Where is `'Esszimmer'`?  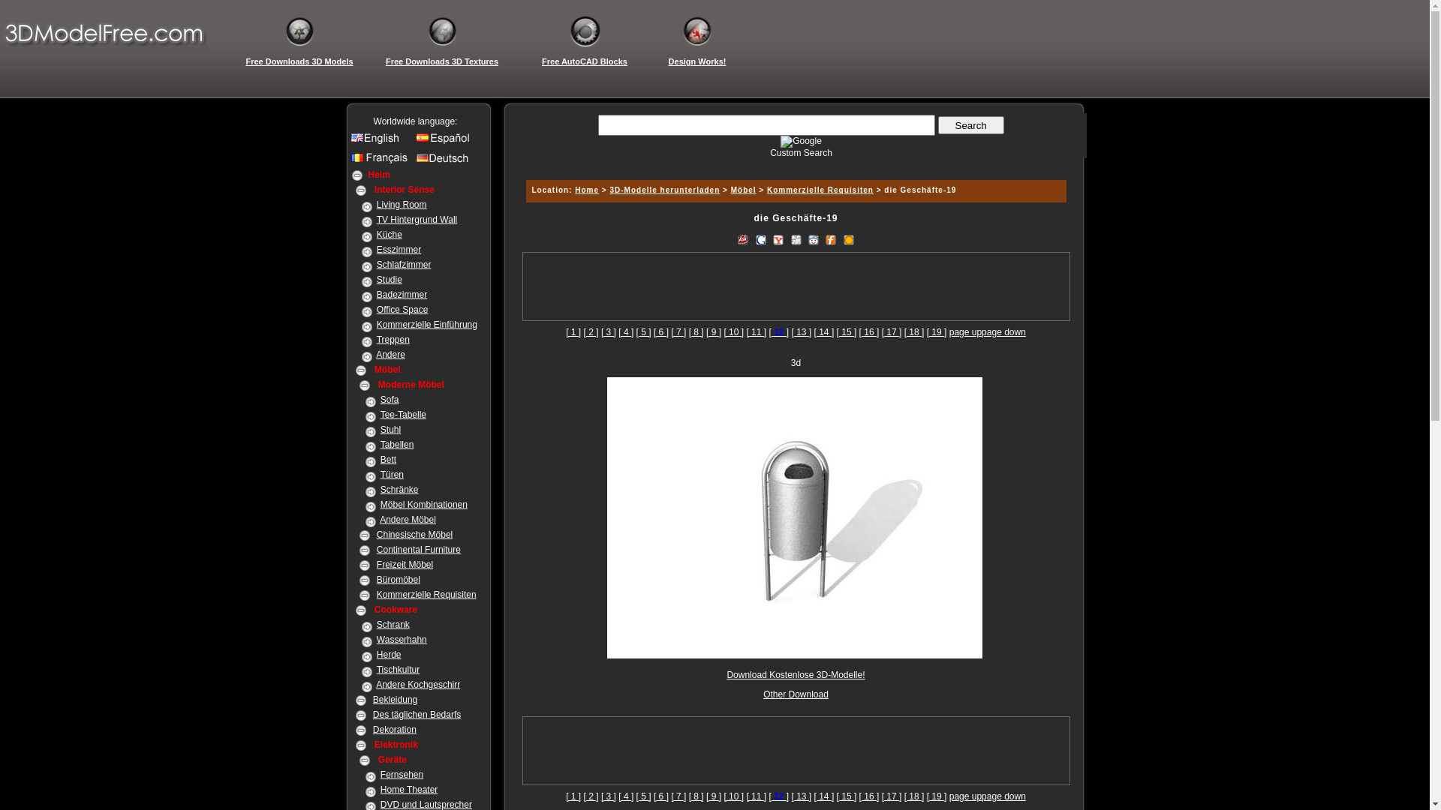
'Esszimmer' is located at coordinates (399, 248).